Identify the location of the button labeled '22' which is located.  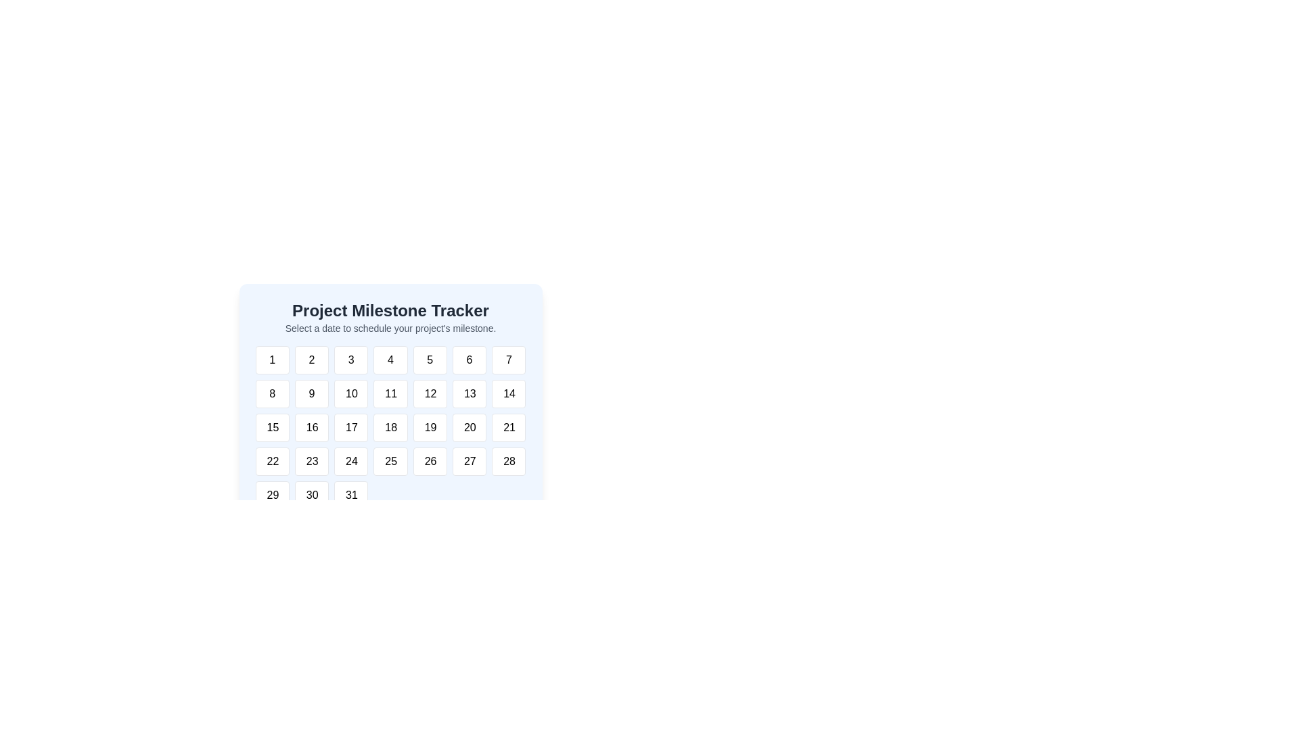
(271, 460).